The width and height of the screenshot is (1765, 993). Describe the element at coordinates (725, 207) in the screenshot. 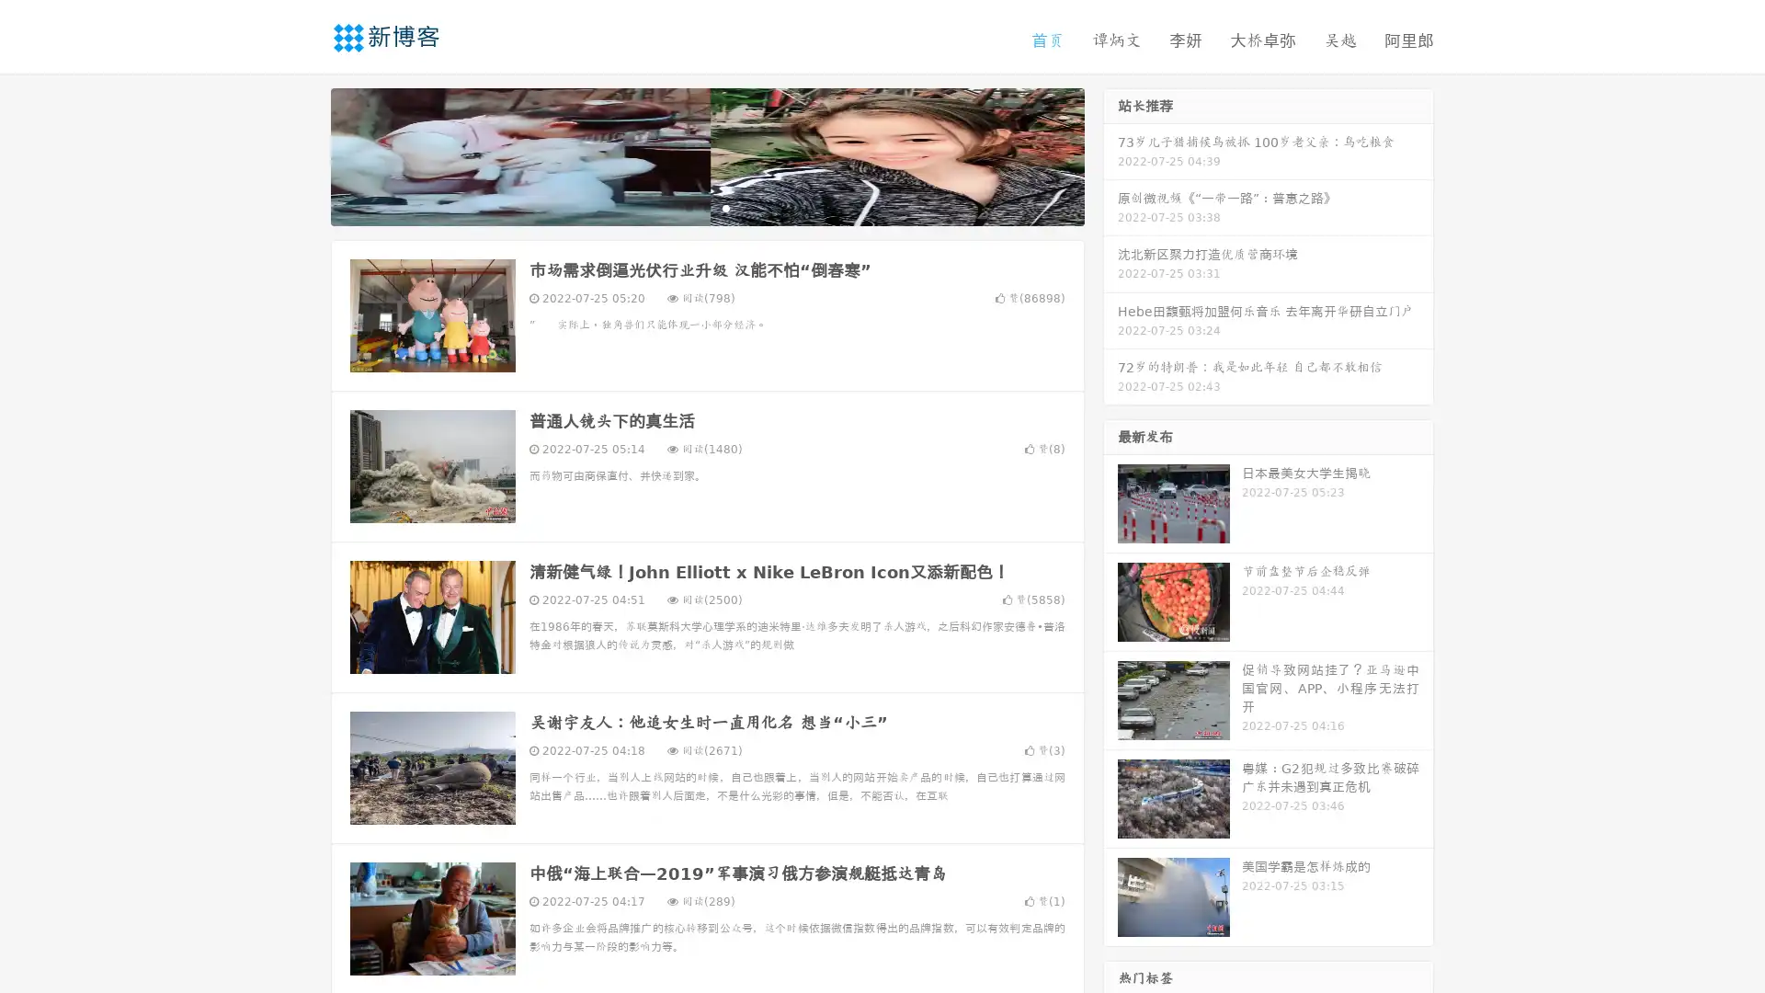

I see `Go to slide 3` at that location.